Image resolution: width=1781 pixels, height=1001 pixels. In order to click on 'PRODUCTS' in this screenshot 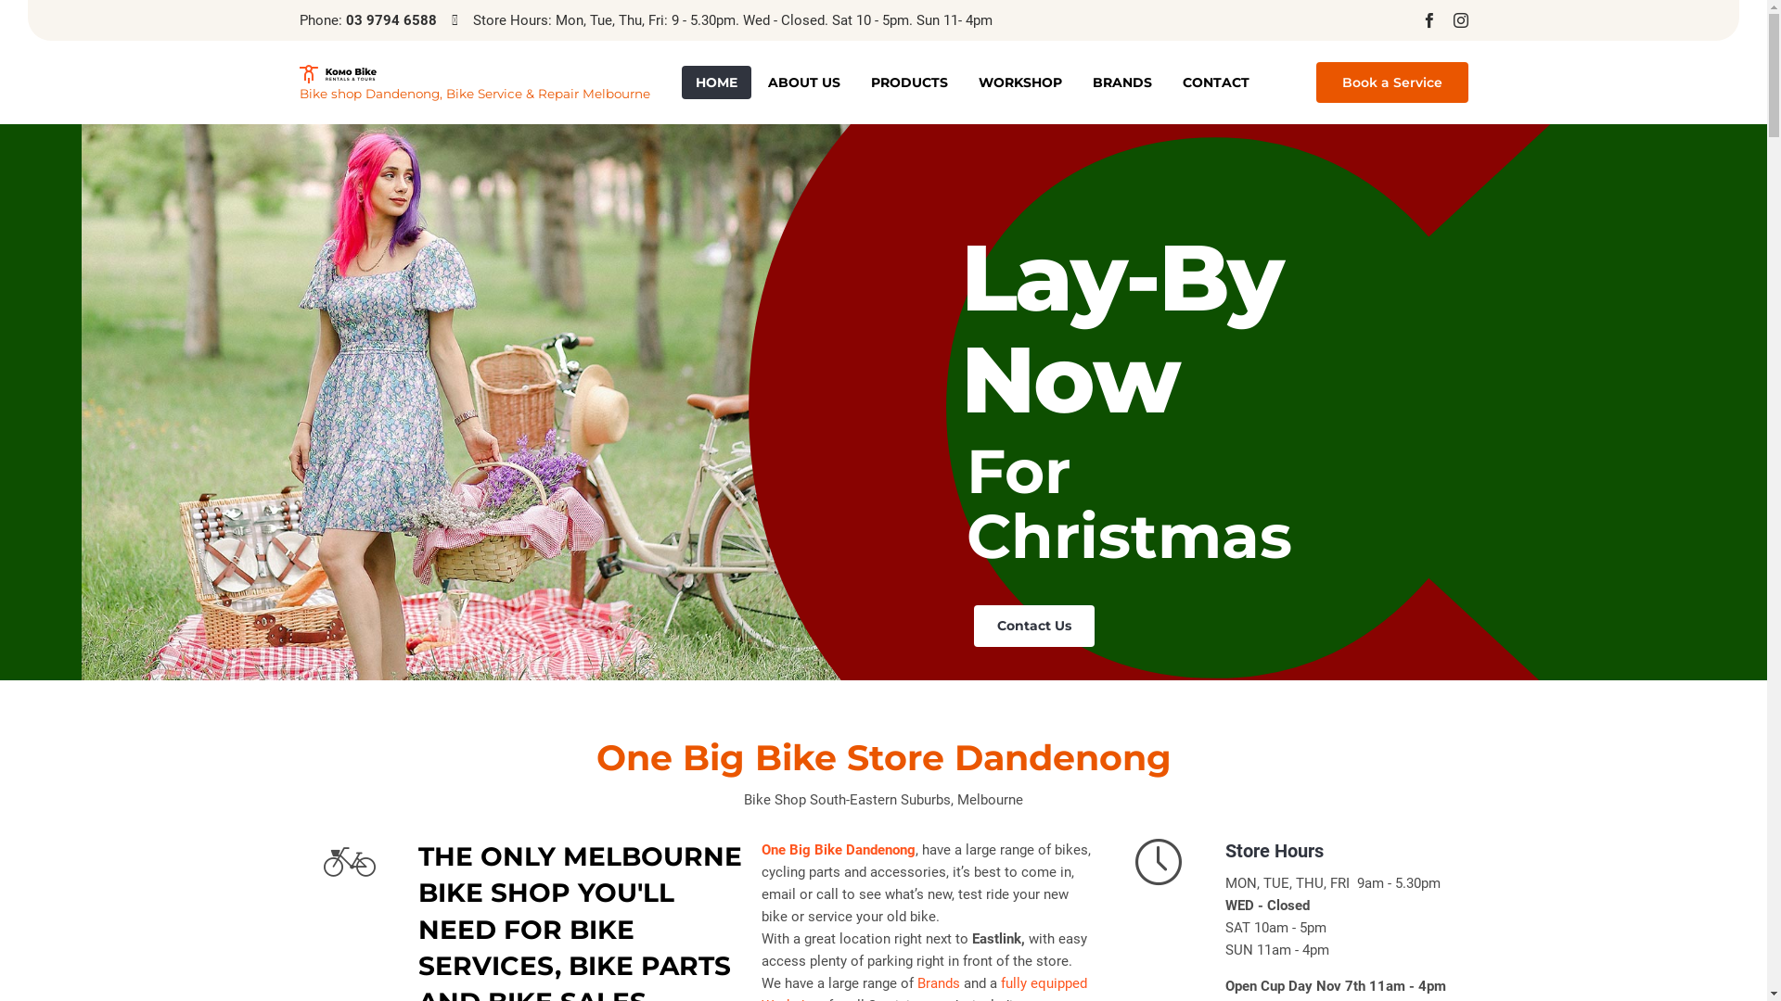, I will do `click(909, 81)`.